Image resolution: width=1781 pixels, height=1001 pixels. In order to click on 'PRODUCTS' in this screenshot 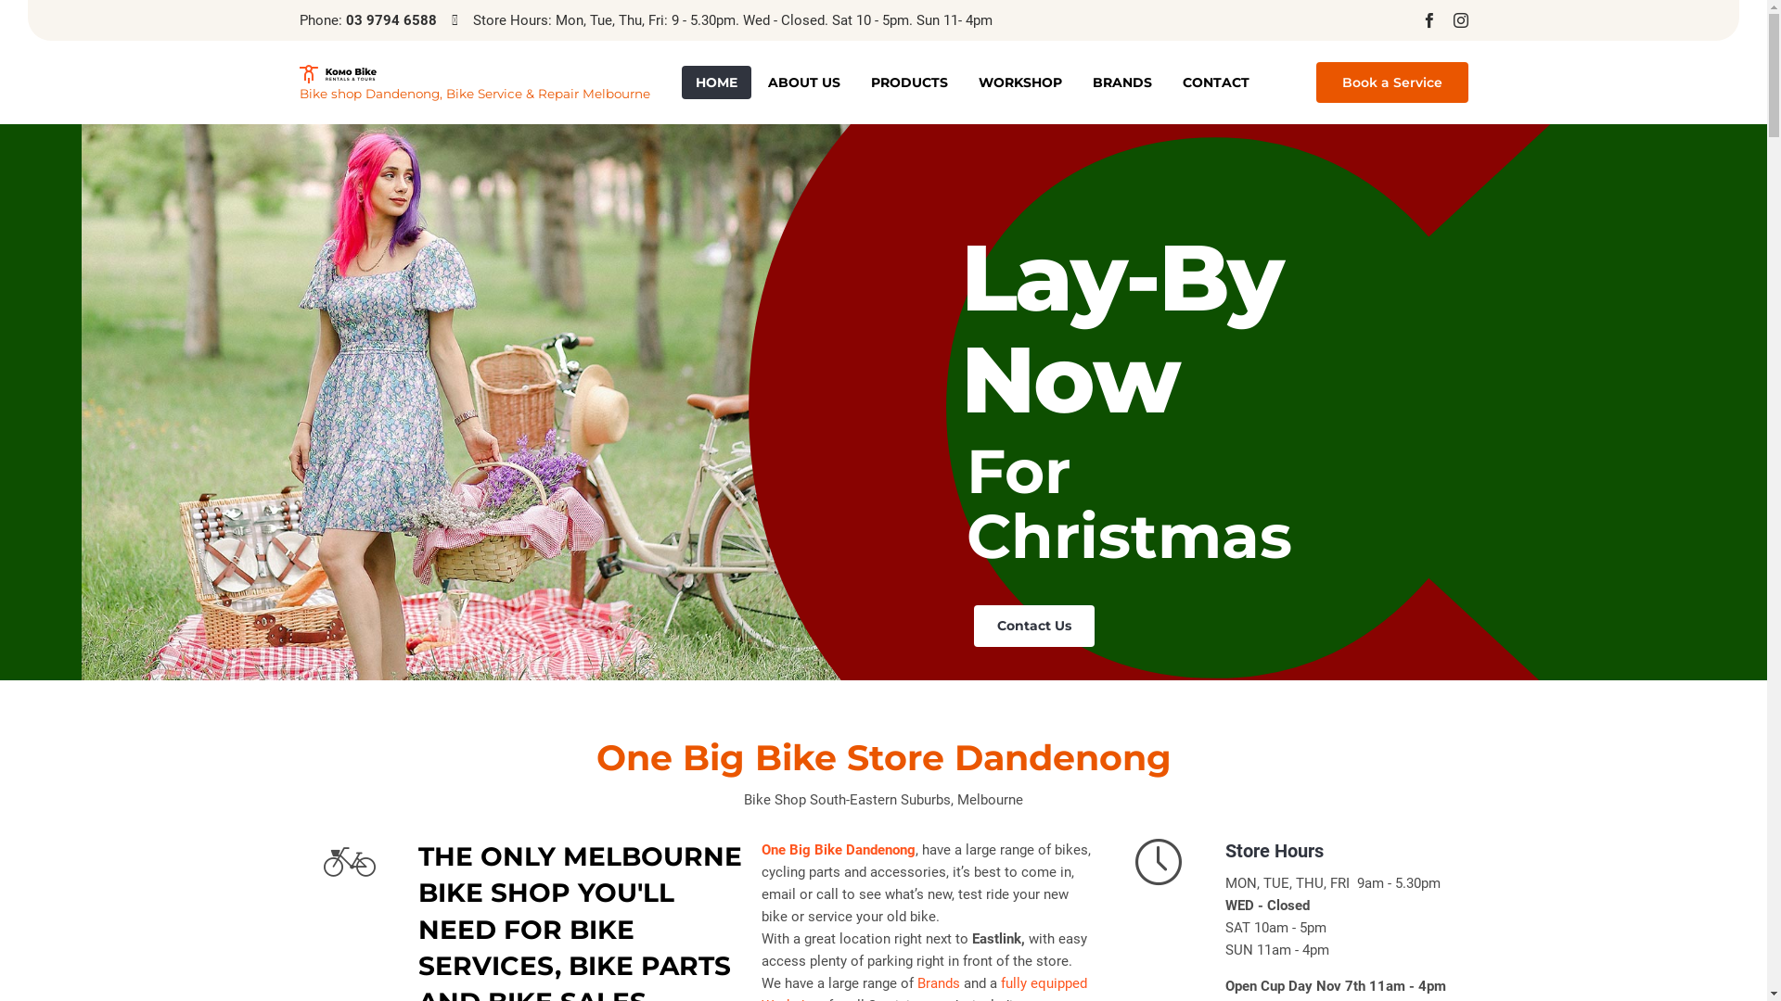, I will do `click(909, 81)`.